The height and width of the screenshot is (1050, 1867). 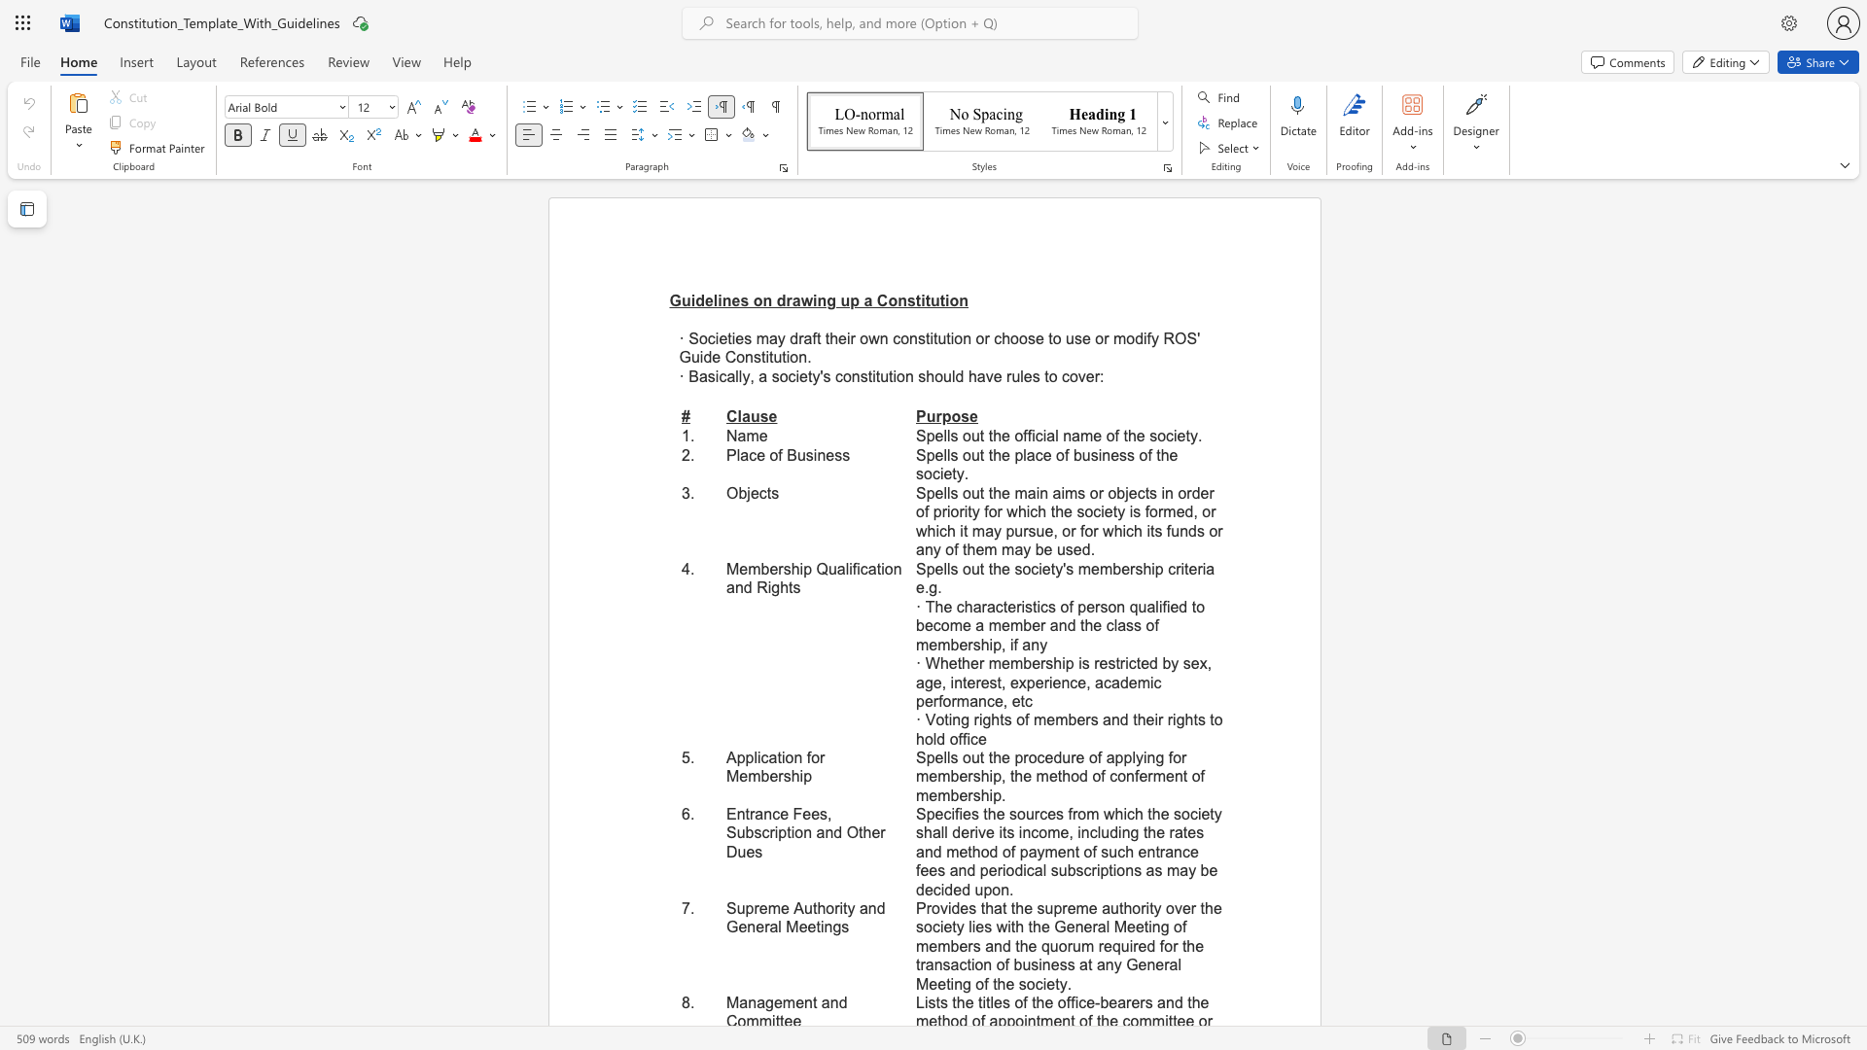 I want to click on the subset text "thod of payment of such entrance fees and periodical subscriptions as may be decide" within the text "Specifies the sources from which the society shall derive its income, including the rates and method of payment of such entrance fees and periodical subscriptions as may be decided upon.", so click(x=968, y=851).